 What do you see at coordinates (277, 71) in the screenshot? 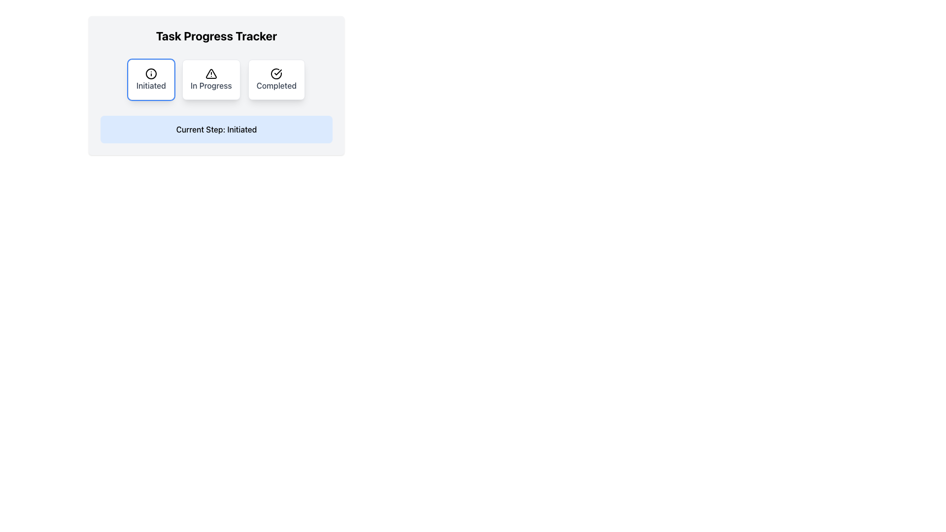
I see `the checkmark icon located in the 'Completed' section of the 'Task Progress Tracker', which indicates completion or success` at bounding box center [277, 71].